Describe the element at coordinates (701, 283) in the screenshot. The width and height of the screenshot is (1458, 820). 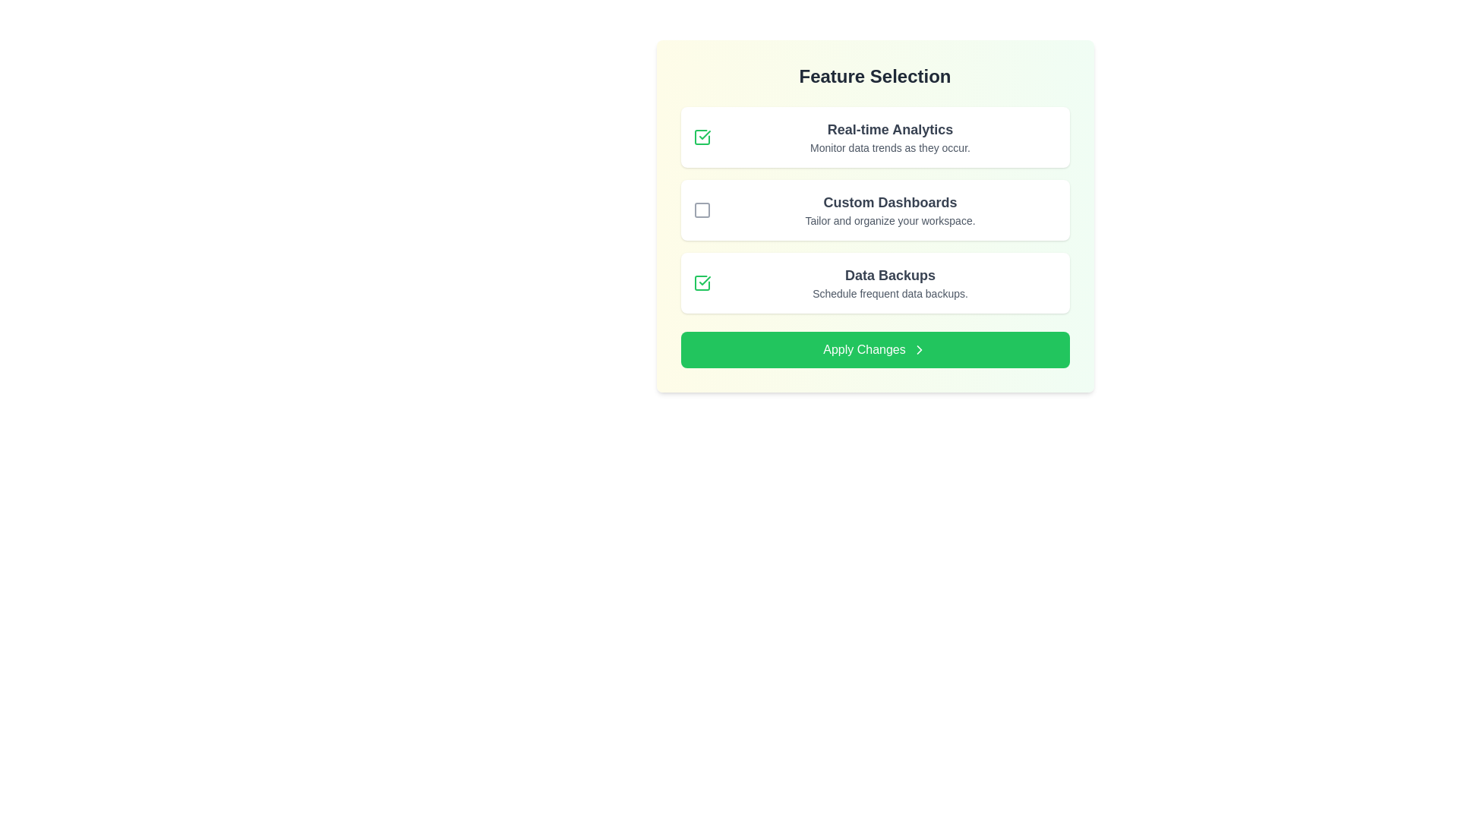
I see `the checkbox for 'Data Backups' located in the 'Feature Selection' section, which toggles the selection state` at that location.